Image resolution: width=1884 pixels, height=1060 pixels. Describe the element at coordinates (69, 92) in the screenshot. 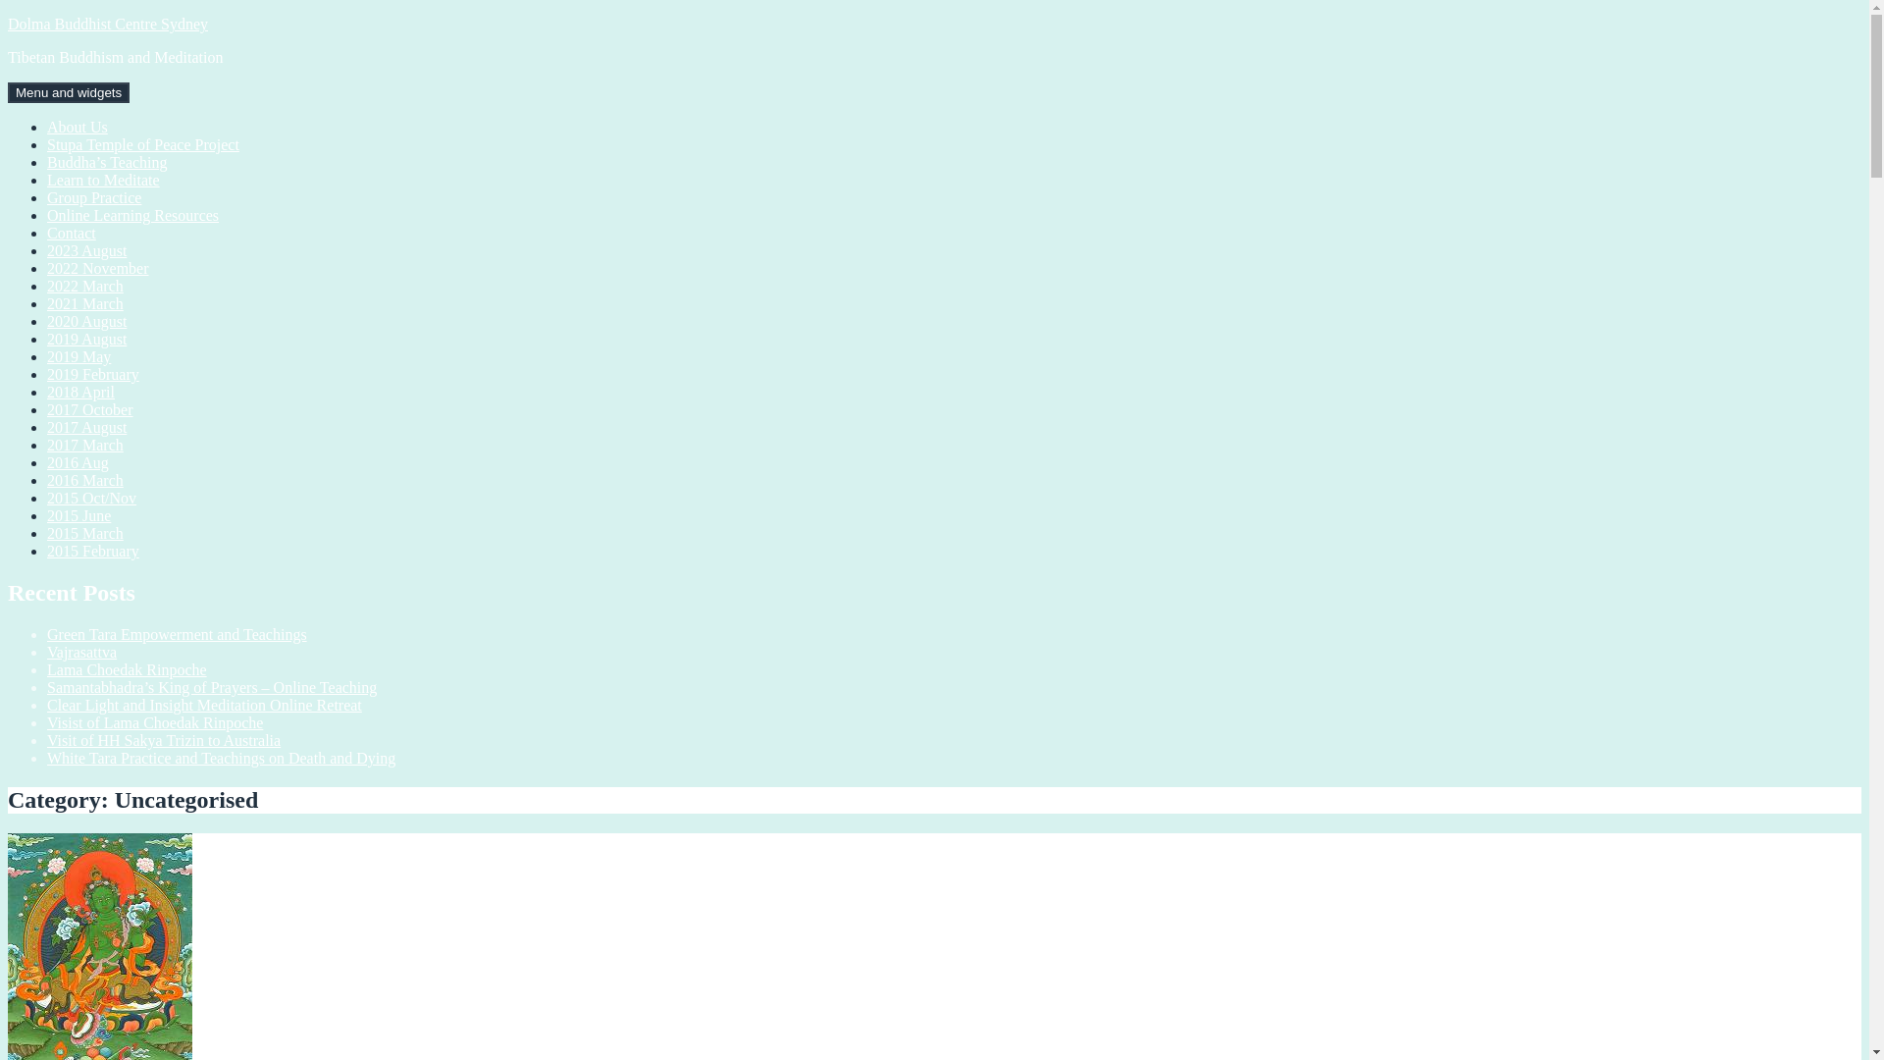

I see `'Menu and widgets'` at that location.